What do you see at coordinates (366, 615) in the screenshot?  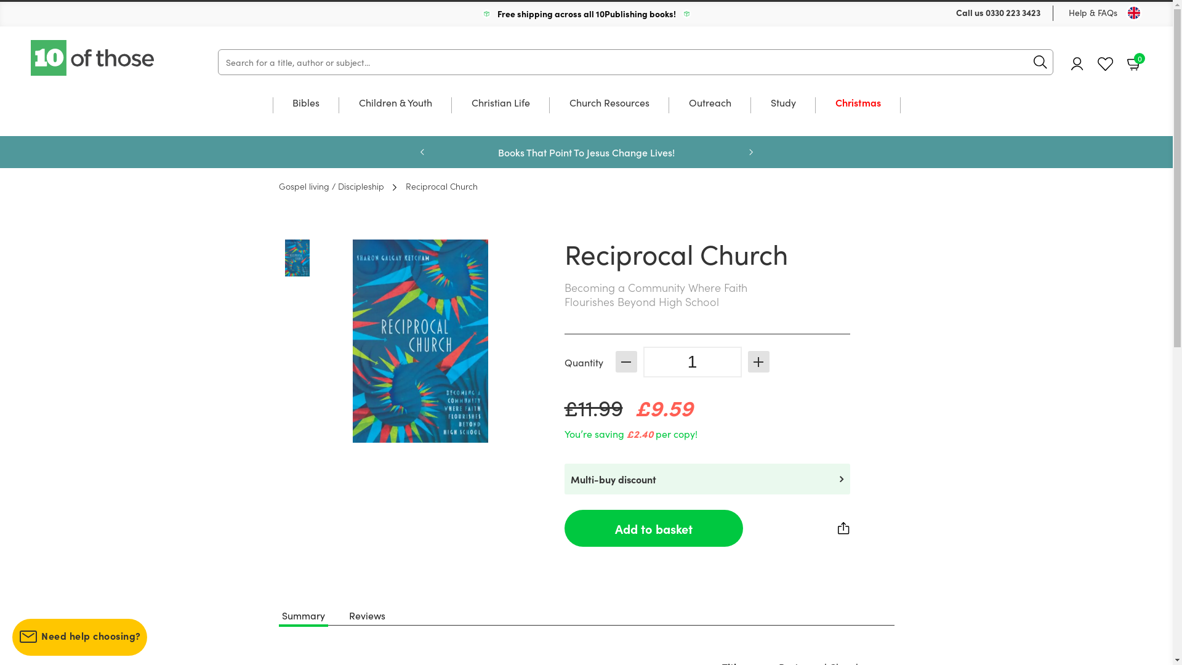 I see `'Reviews'` at bounding box center [366, 615].